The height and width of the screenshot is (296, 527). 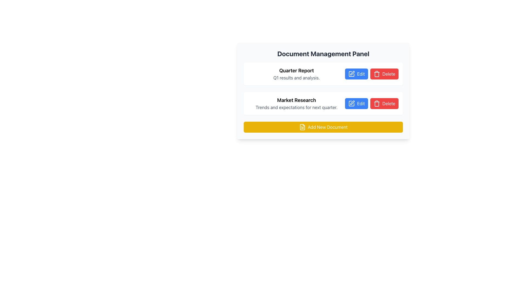 What do you see at coordinates (376, 104) in the screenshot?
I see `the hollow vertical rectangular shape inside the trash can icon representing the Delete button for the 'Market Research' section` at bounding box center [376, 104].